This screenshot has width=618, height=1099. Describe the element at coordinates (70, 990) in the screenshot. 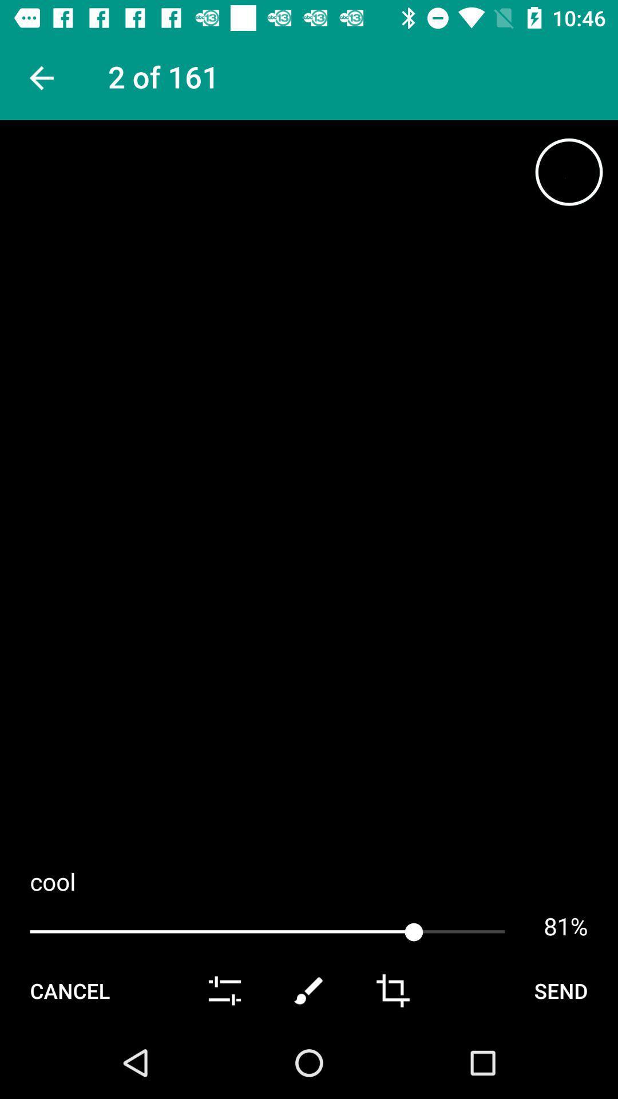

I see `icon at the bottom left corner` at that location.